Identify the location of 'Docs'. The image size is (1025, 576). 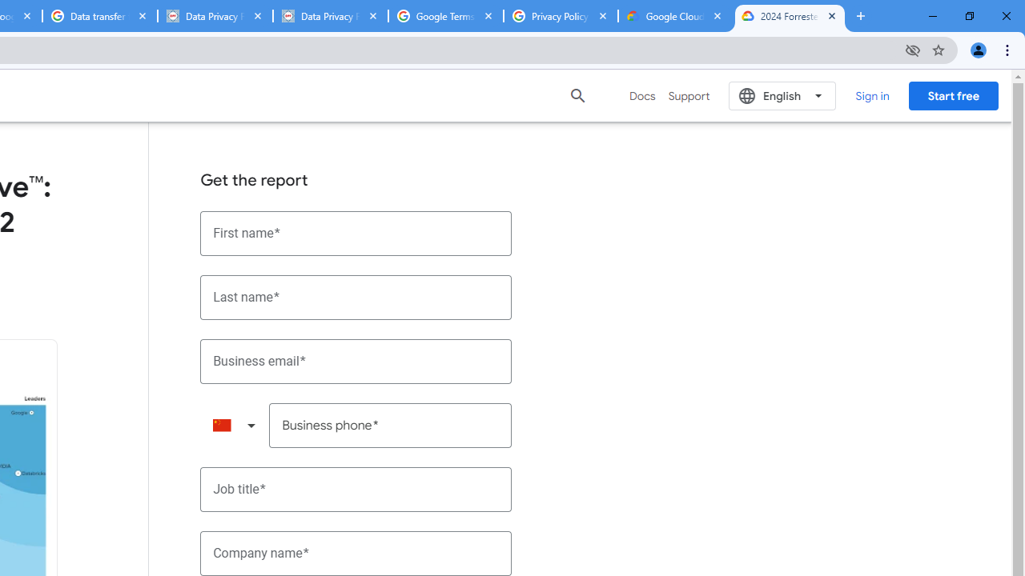
(642, 95).